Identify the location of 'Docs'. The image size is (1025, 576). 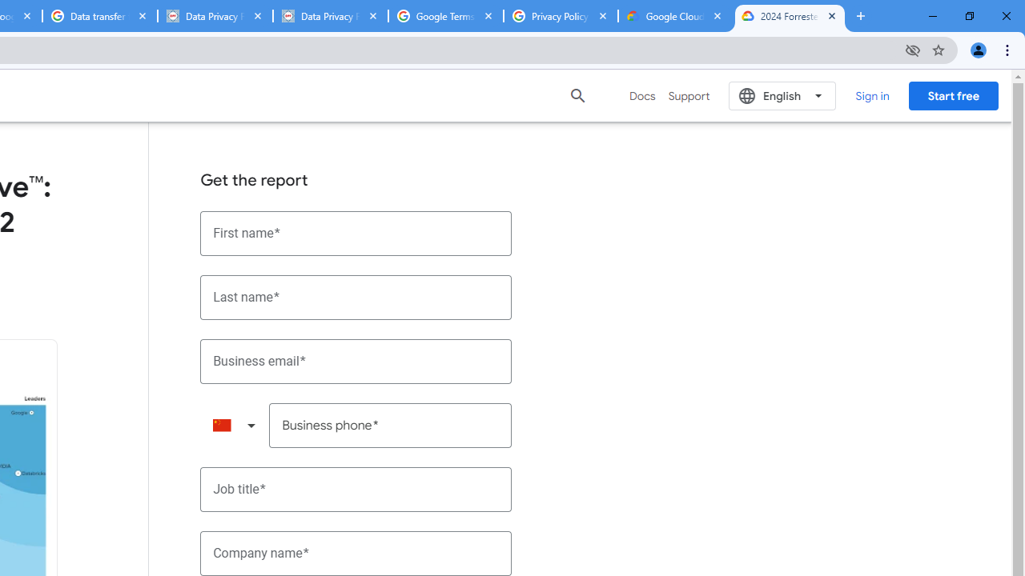
(642, 95).